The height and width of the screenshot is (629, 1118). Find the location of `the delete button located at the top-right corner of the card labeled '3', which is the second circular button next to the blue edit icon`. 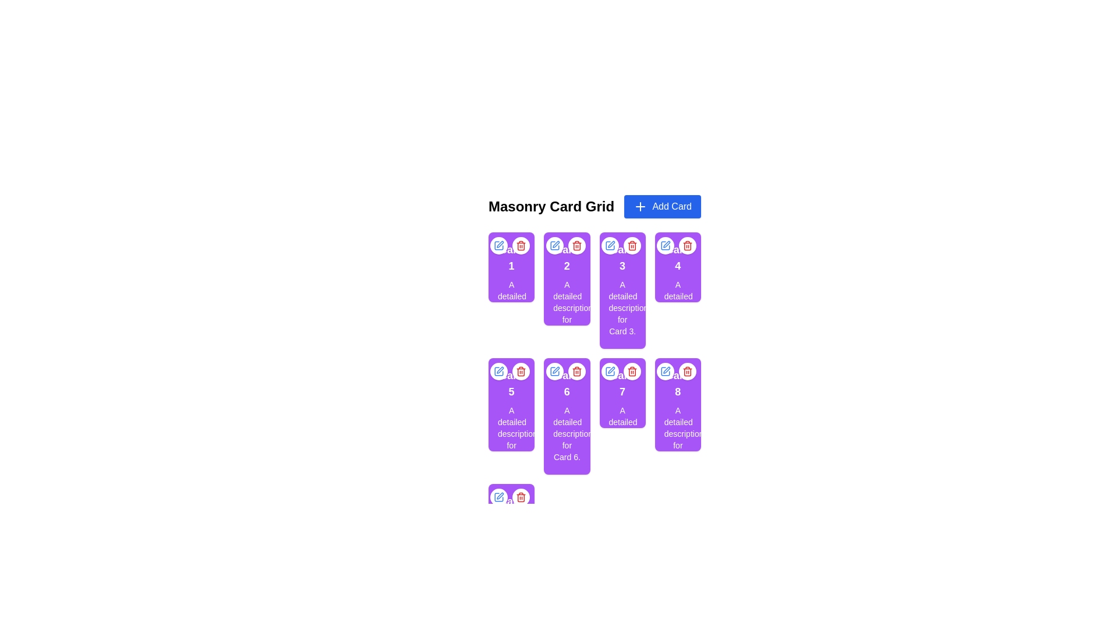

the delete button located at the top-right corner of the card labeled '3', which is the second circular button next to the blue edit icon is located at coordinates (631, 245).